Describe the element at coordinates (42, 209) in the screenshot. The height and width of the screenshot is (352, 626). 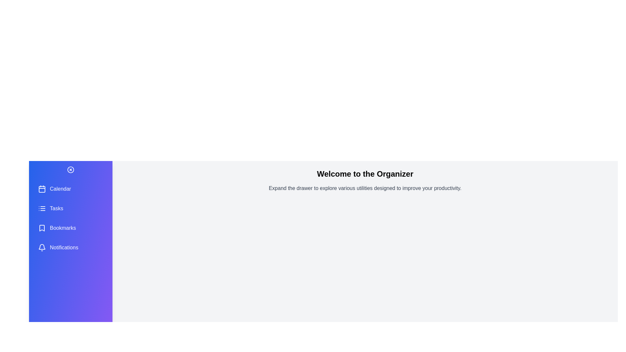
I see `the Tasks icon in the drawer` at that location.